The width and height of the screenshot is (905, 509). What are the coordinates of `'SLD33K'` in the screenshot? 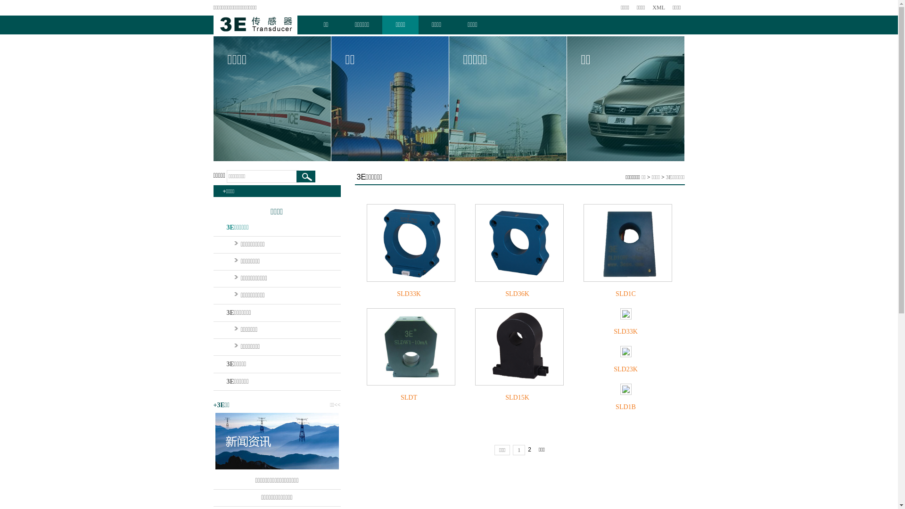 It's located at (625, 331).